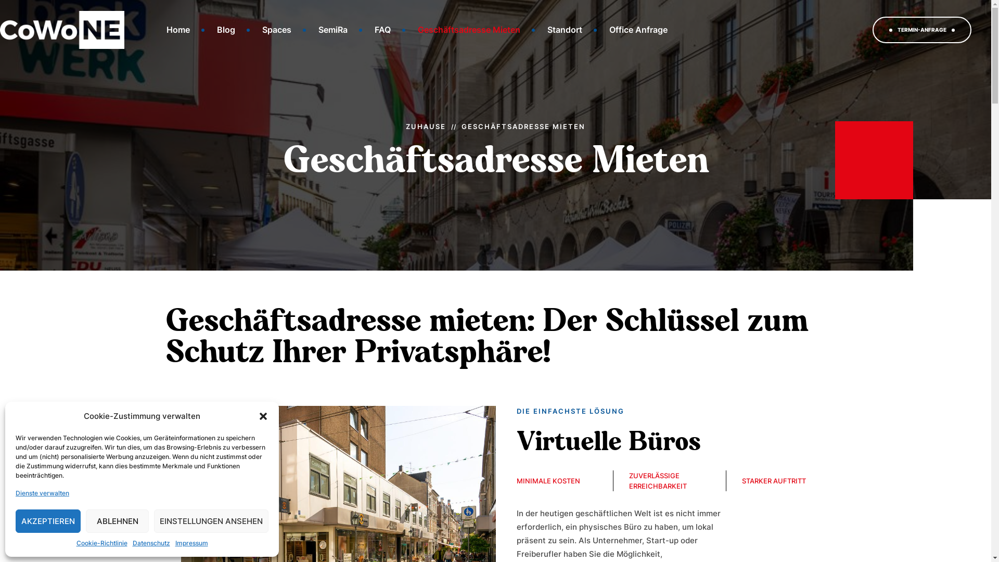 The image size is (999, 562). Describe the element at coordinates (150, 543) in the screenshot. I see `'Datenschutz'` at that location.